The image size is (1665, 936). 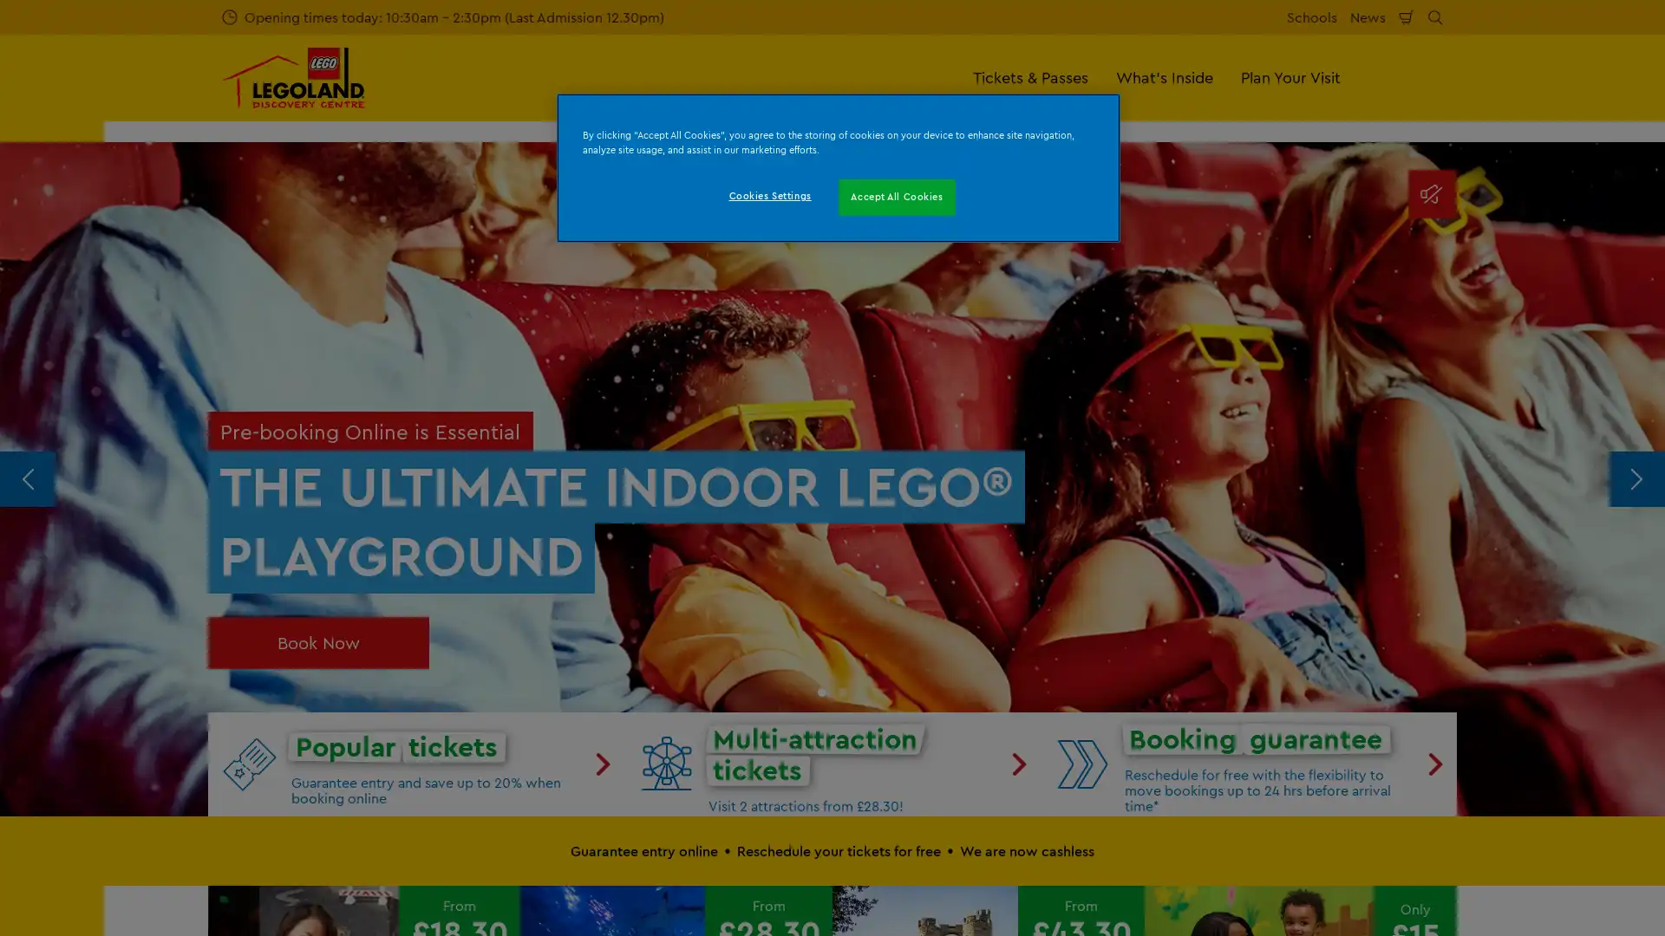 What do you see at coordinates (1407, 16) in the screenshot?
I see `Shopping Cart` at bounding box center [1407, 16].